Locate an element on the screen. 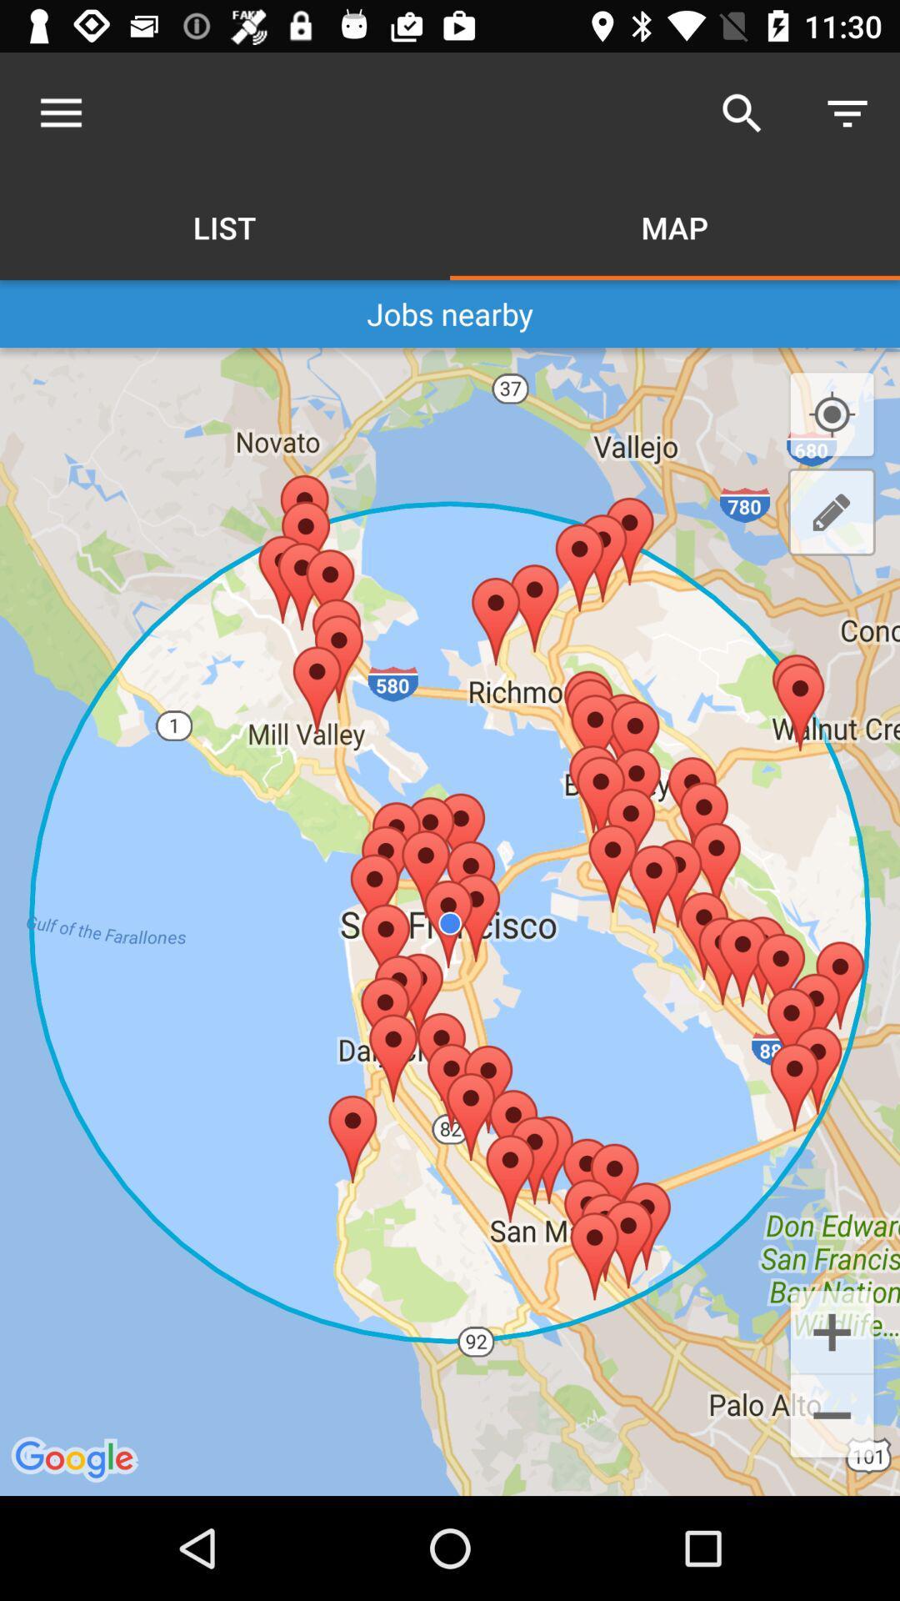  icon above the jobs nearby item is located at coordinates (60, 113).